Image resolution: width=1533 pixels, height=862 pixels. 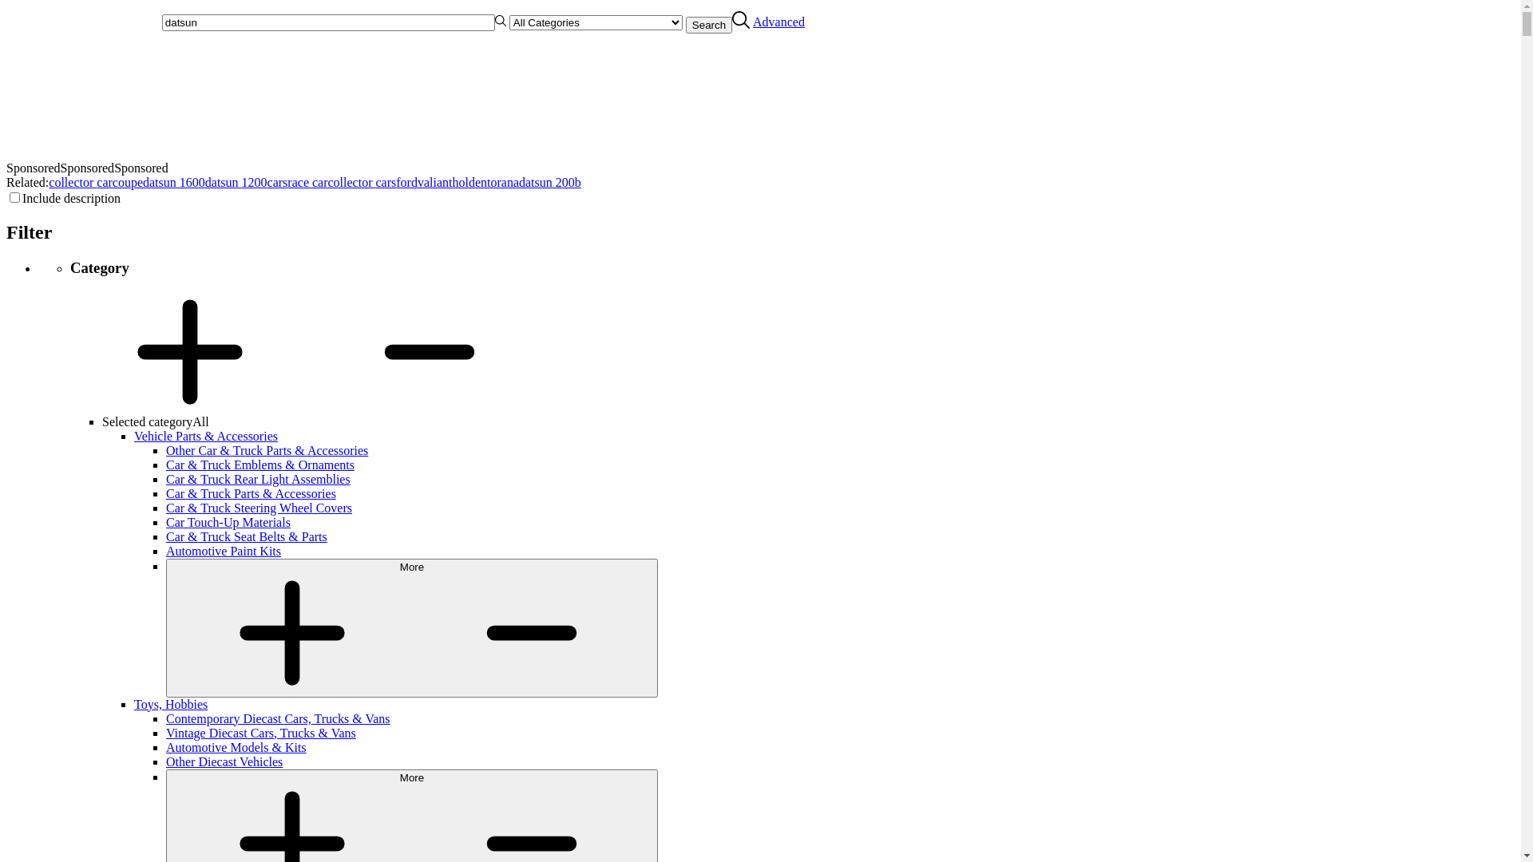 I want to click on 'holden', so click(x=469, y=181).